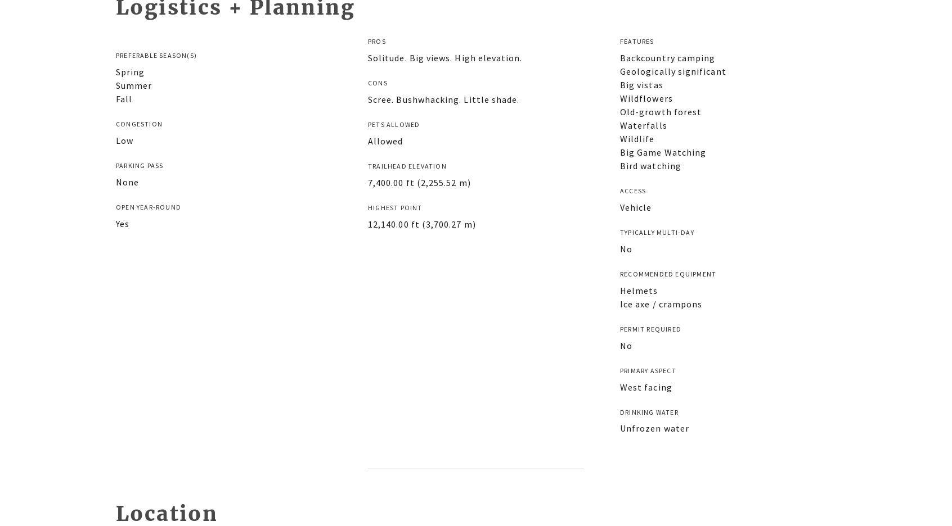 The width and height of the screenshot is (952, 526). What do you see at coordinates (619, 428) in the screenshot?
I see `'Unfrozen water'` at bounding box center [619, 428].